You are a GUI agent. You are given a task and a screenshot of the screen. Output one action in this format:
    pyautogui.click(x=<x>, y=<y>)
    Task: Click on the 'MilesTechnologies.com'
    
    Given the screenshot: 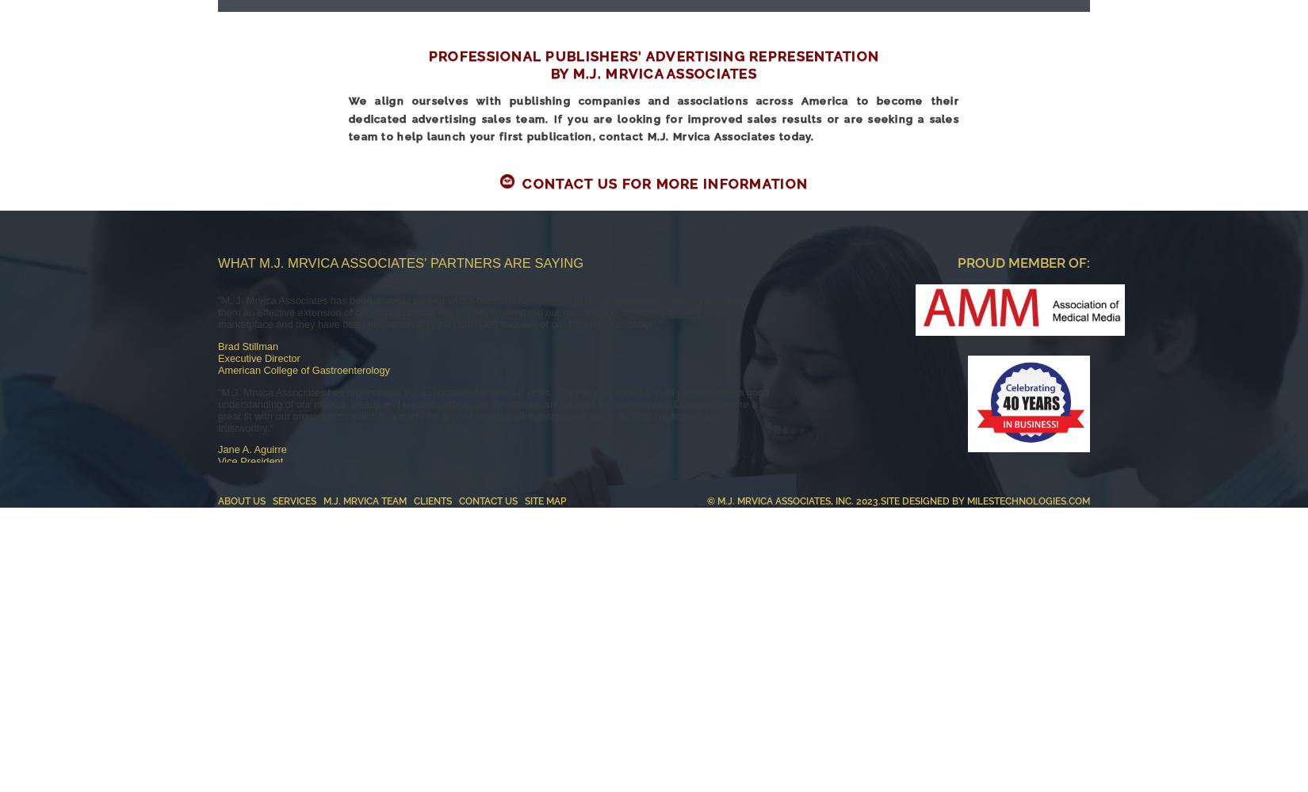 What is the action you would take?
    pyautogui.click(x=967, y=501)
    